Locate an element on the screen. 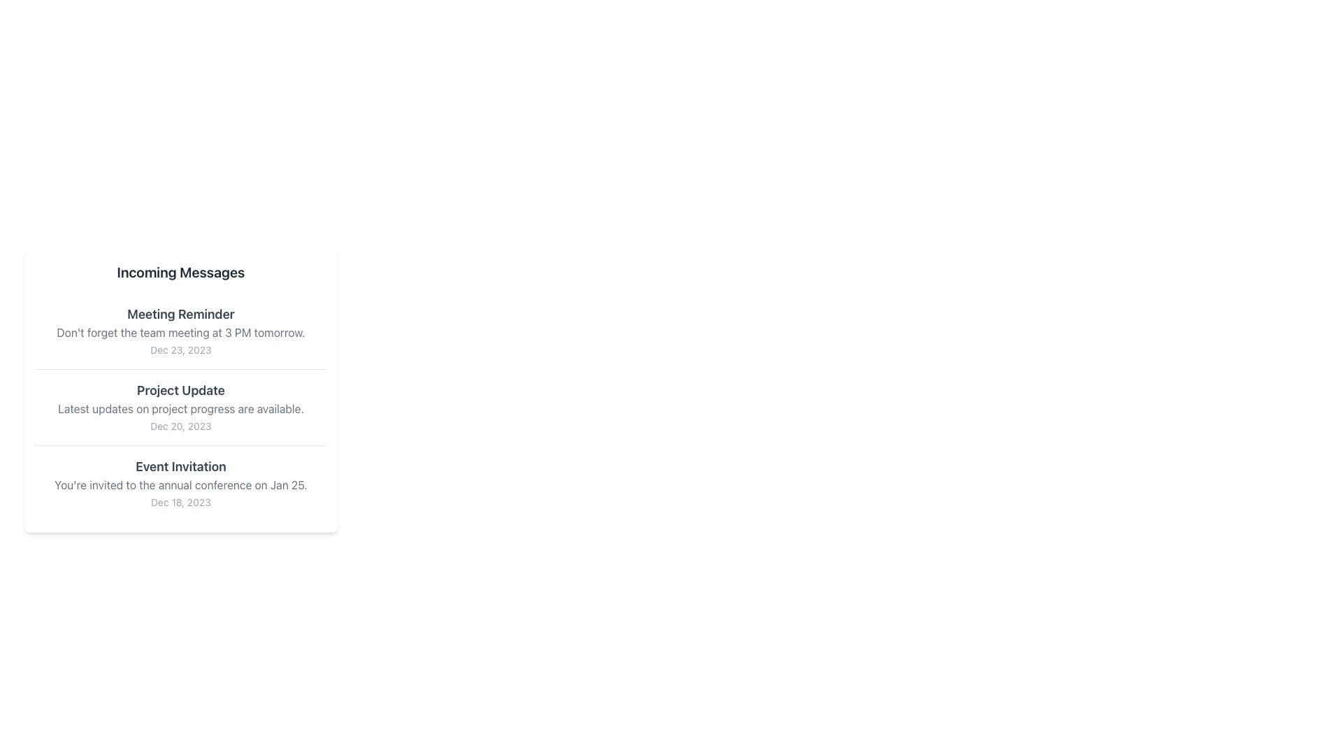 Image resolution: width=1342 pixels, height=755 pixels. the third text block in the vertically-stacked list, which provides an event invitation notification is located at coordinates (180, 482).